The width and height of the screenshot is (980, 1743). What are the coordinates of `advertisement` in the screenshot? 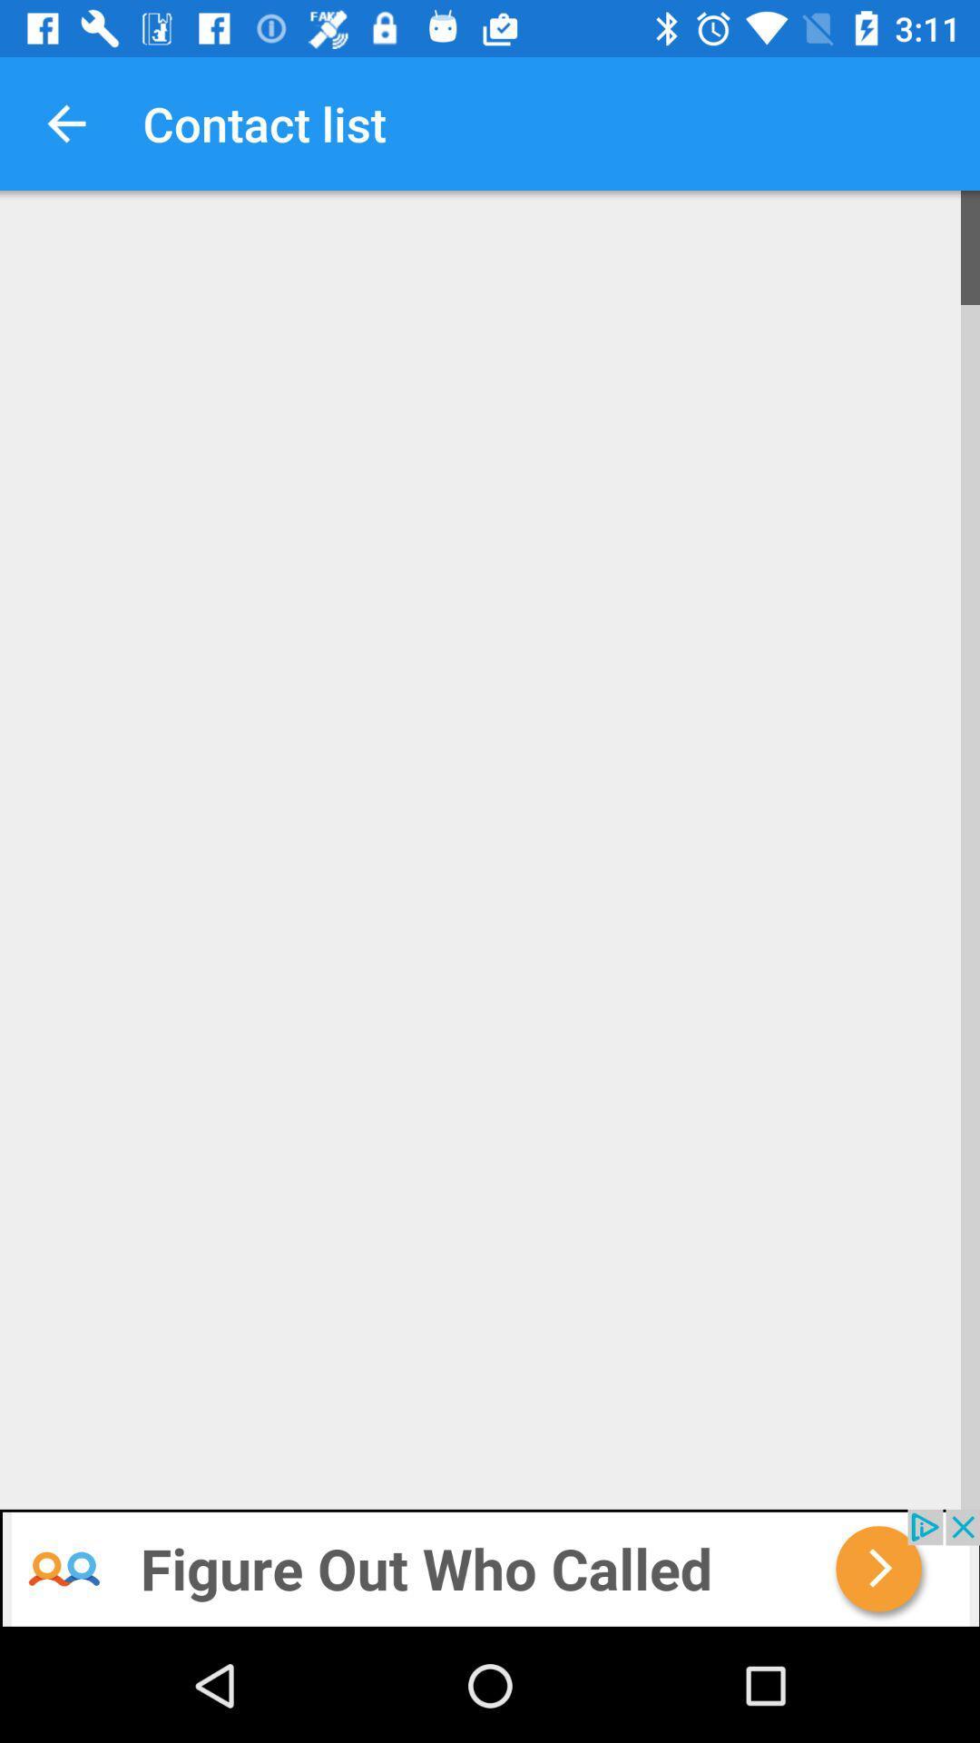 It's located at (490, 1568).